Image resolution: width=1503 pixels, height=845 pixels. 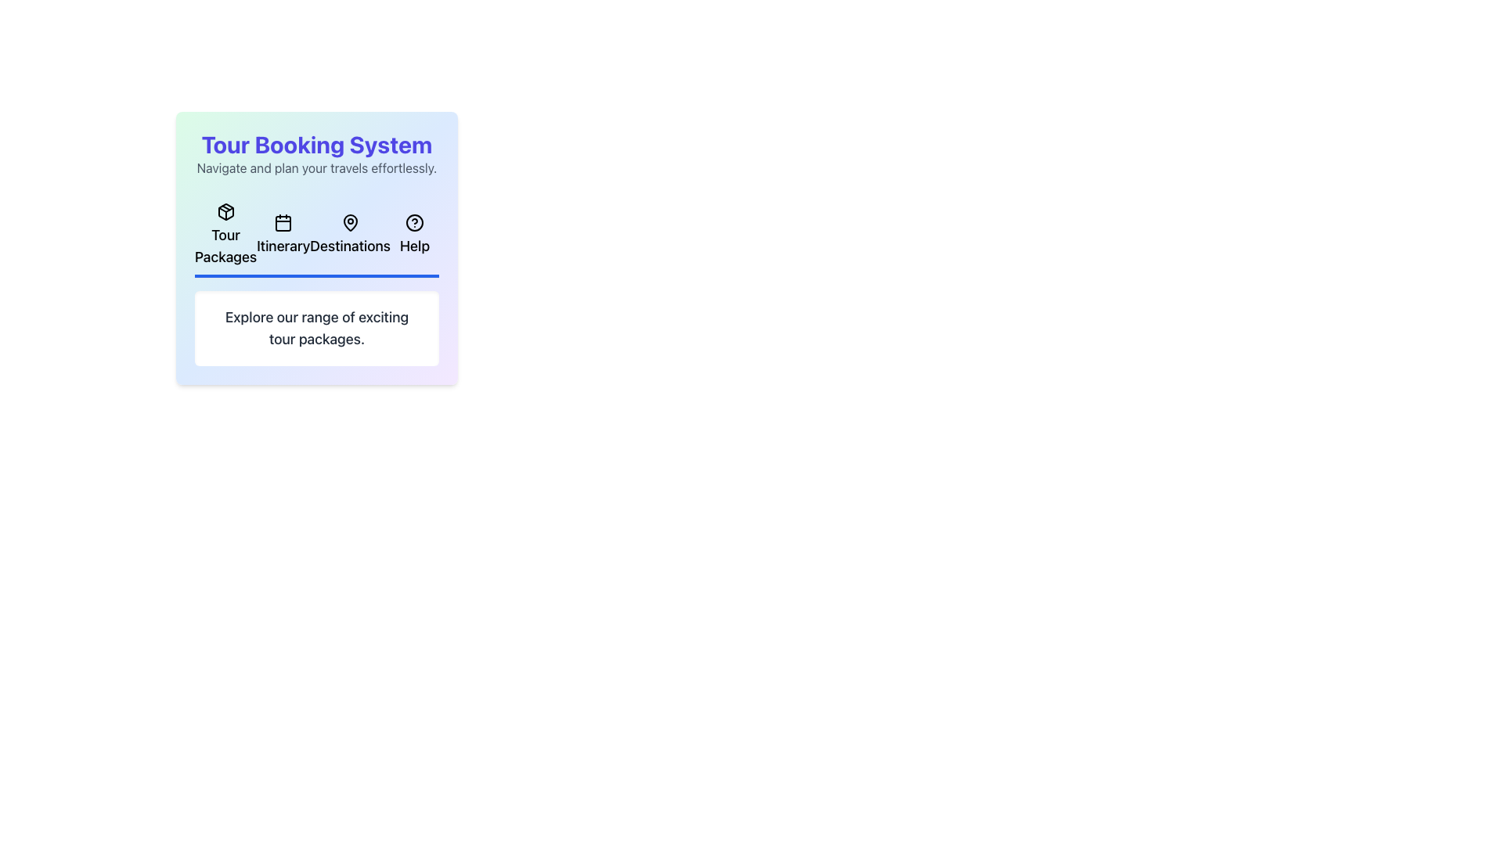 What do you see at coordinates (283, 245) in the screenshot?
I see `the 'Itinerary' text label located within the navigation tab of the tour booking system` at bounding box center [283, 245].